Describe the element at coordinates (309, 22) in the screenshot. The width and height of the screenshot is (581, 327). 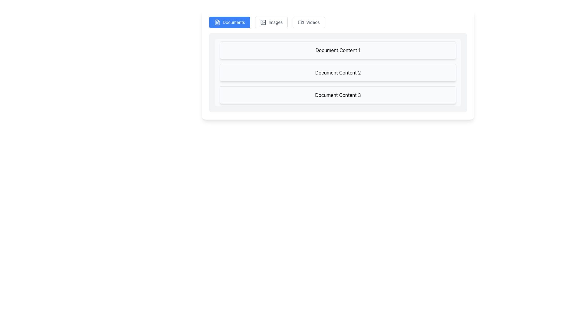
I see `the rectangular button with rounded corners that has a video camera icon and the text 'Videos'` at that location.